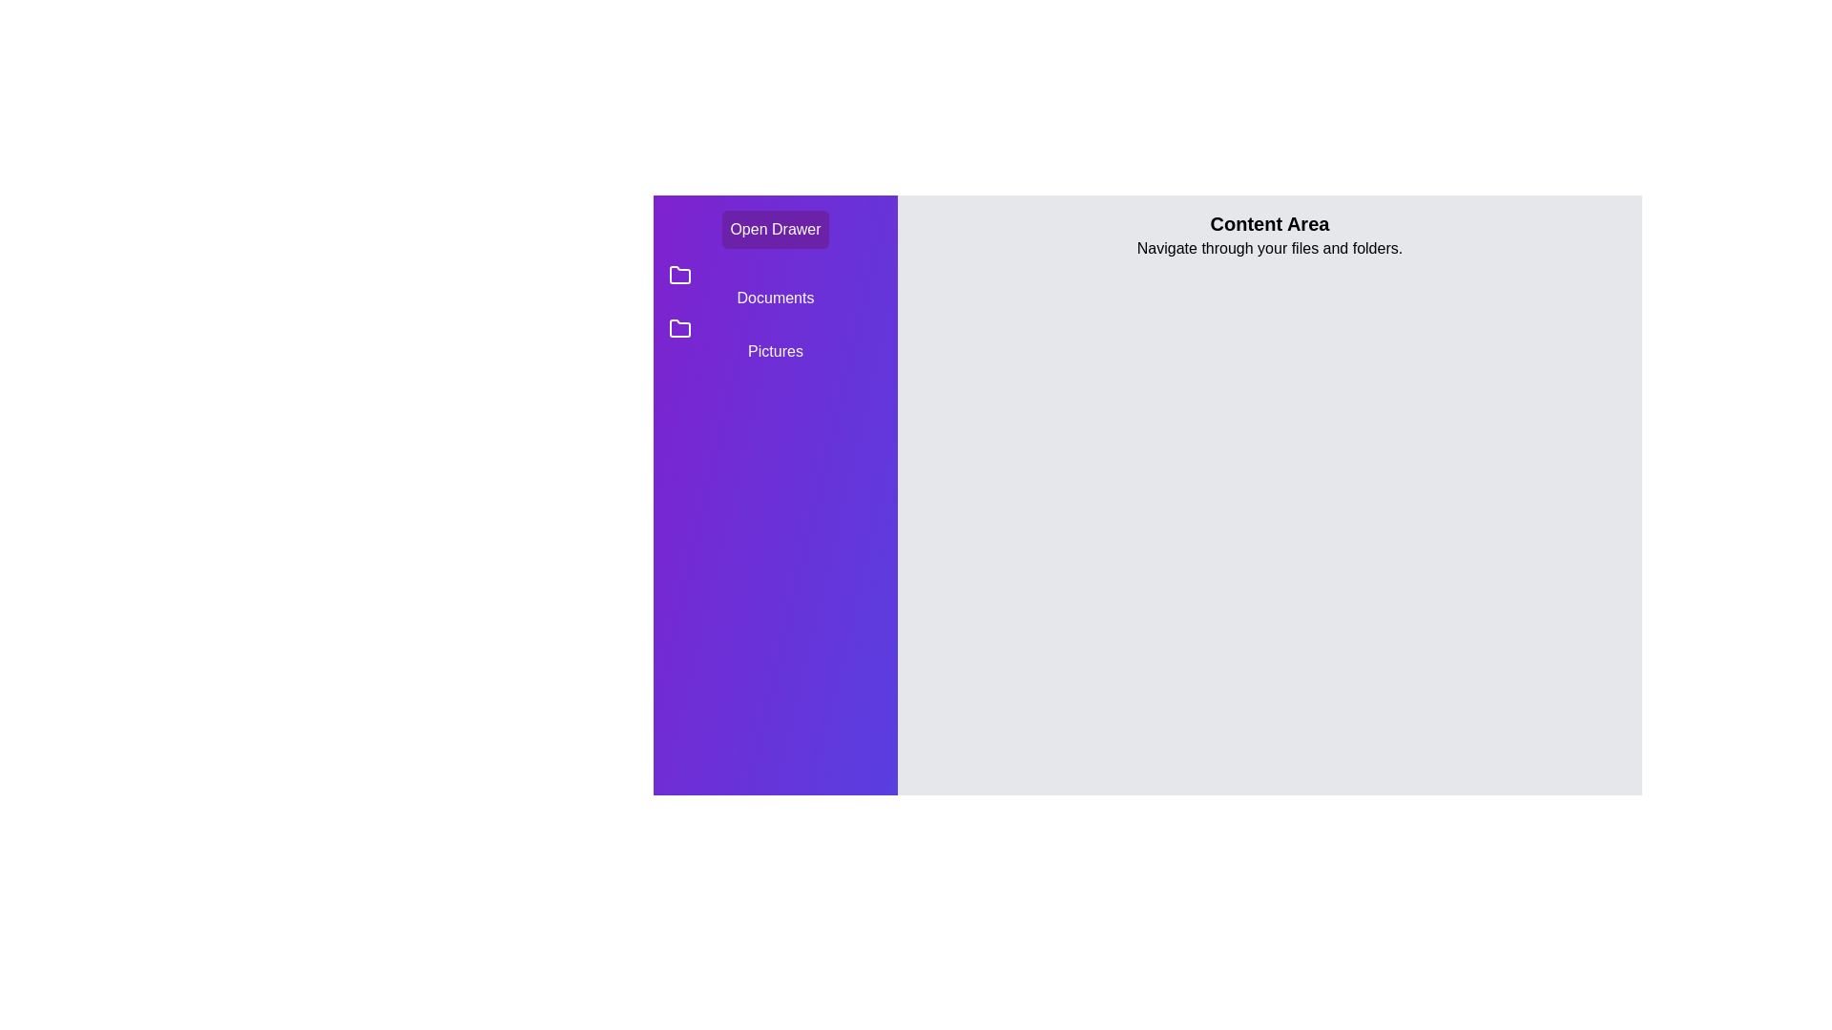 The width and height of the screenshot is (1832, 1030). I want to click on the folder icon for Documents, so click(680, 276).